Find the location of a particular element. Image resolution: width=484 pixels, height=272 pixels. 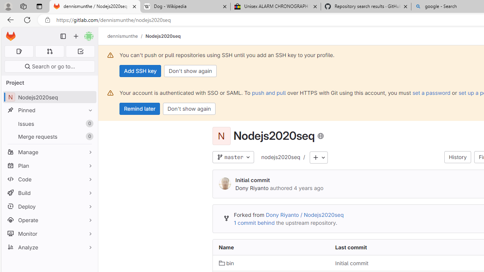

'Assigned issues 0' is located at coordinates (19, 51).